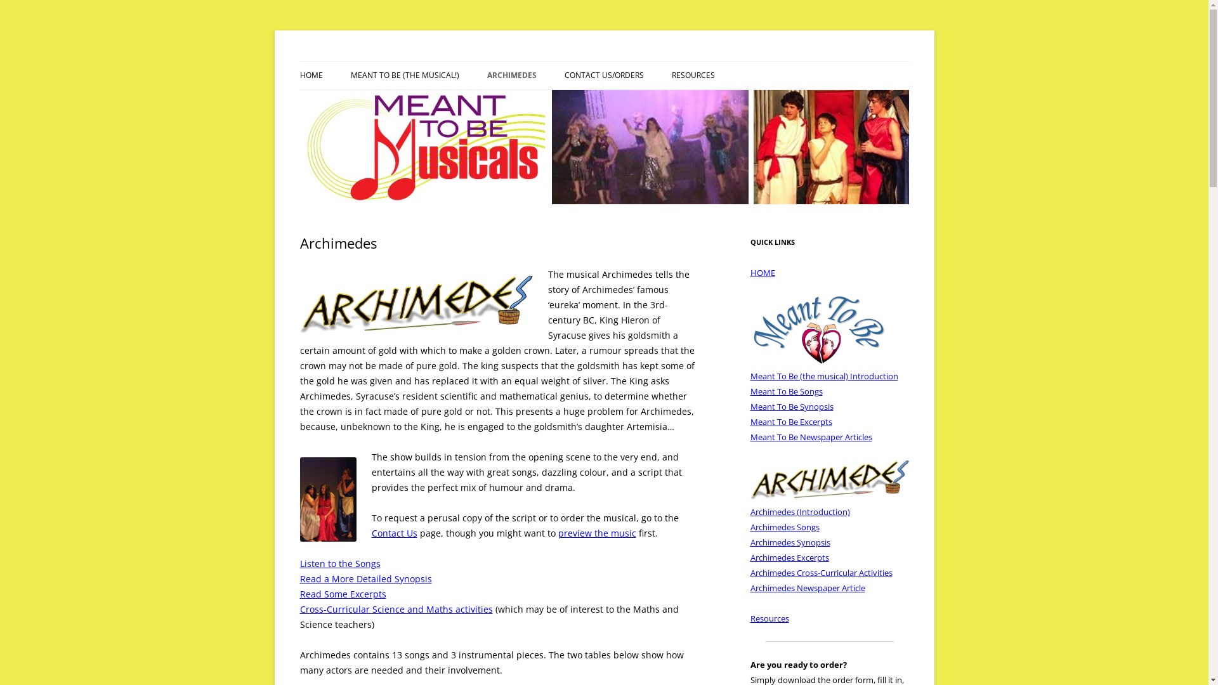 This screenshot has height=685, width=1218. Describe the element at coordinates (749, 436) in the screenshot. I see `'Meant To Be Newspaper Articles'` at that location.